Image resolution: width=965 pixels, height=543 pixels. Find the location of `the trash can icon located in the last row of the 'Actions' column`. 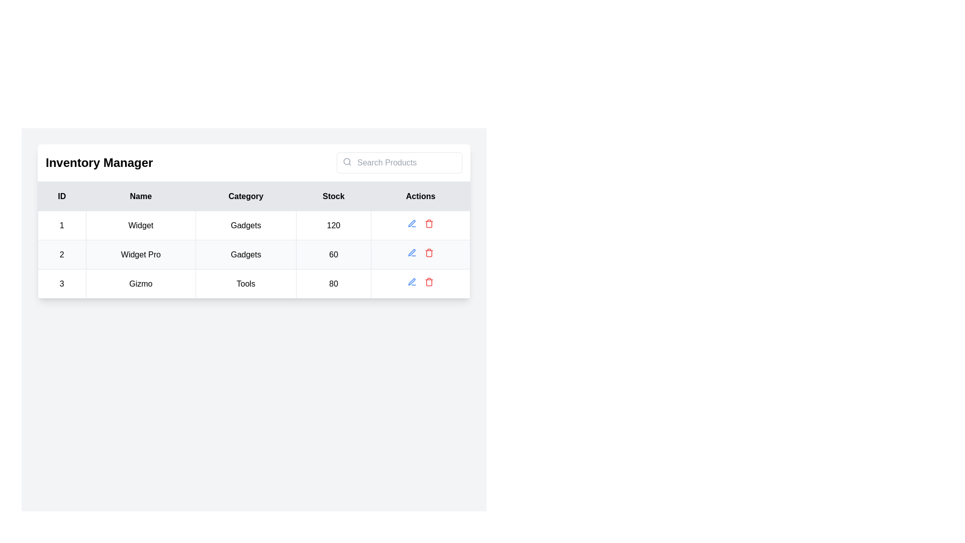

the trash can icon located in the last row of the 'Actions' column is located at coordinates (429, 283).